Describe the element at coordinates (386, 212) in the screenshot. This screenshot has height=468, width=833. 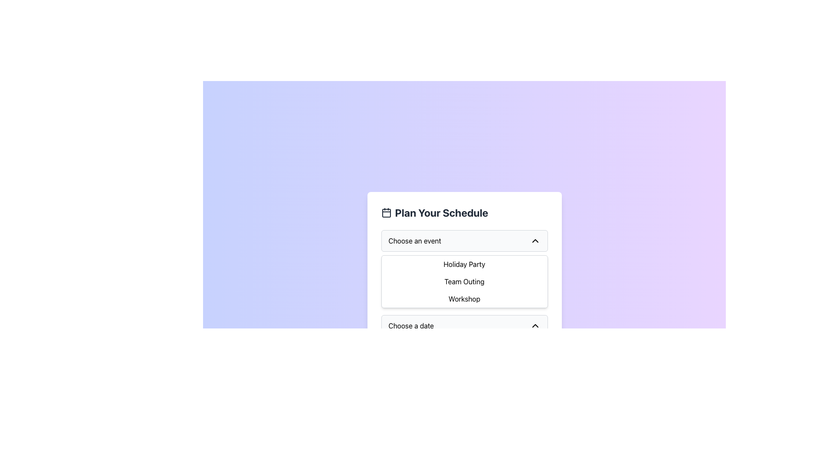
I see `the calendar icon located to the immediate left of the text 'Plan Your Schedule' in the header section, which enhances the user interface's design` at that location.